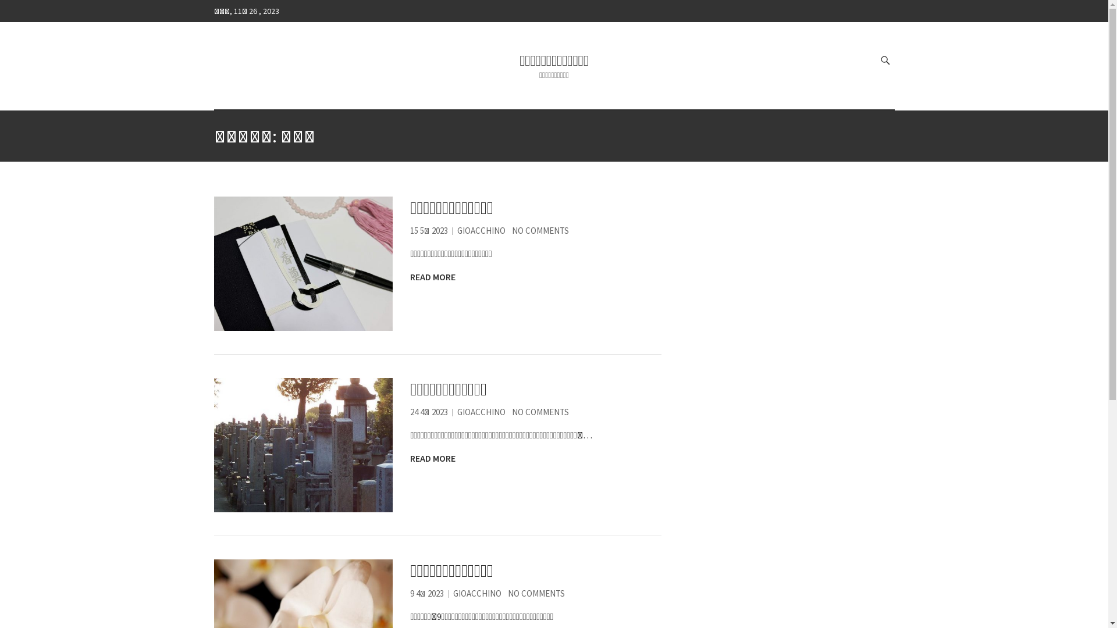 The width and height of the screenshot is (1117, 628). What do you see at coordinates (457, 411) in the screenshot?
I see `'GIOACCHINO'` at bounding box center [457, 411].